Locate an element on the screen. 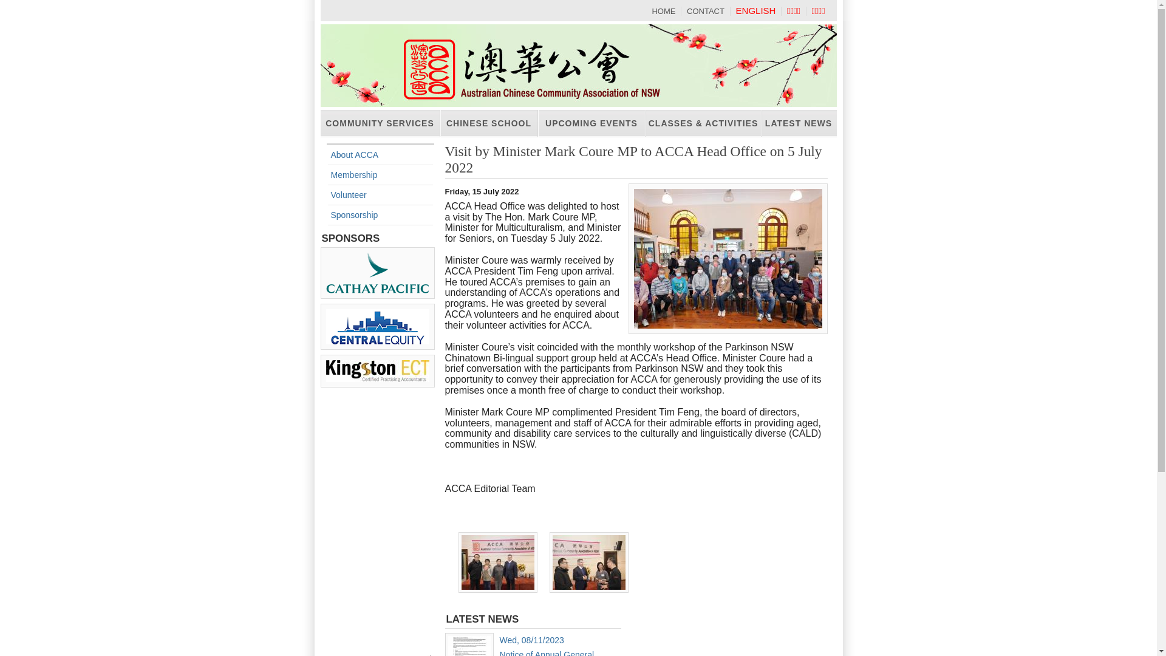 The width and height of the screenshot is (1166, 656). 'UPCOMING EVENTS' is located at coordinates (592, 123).